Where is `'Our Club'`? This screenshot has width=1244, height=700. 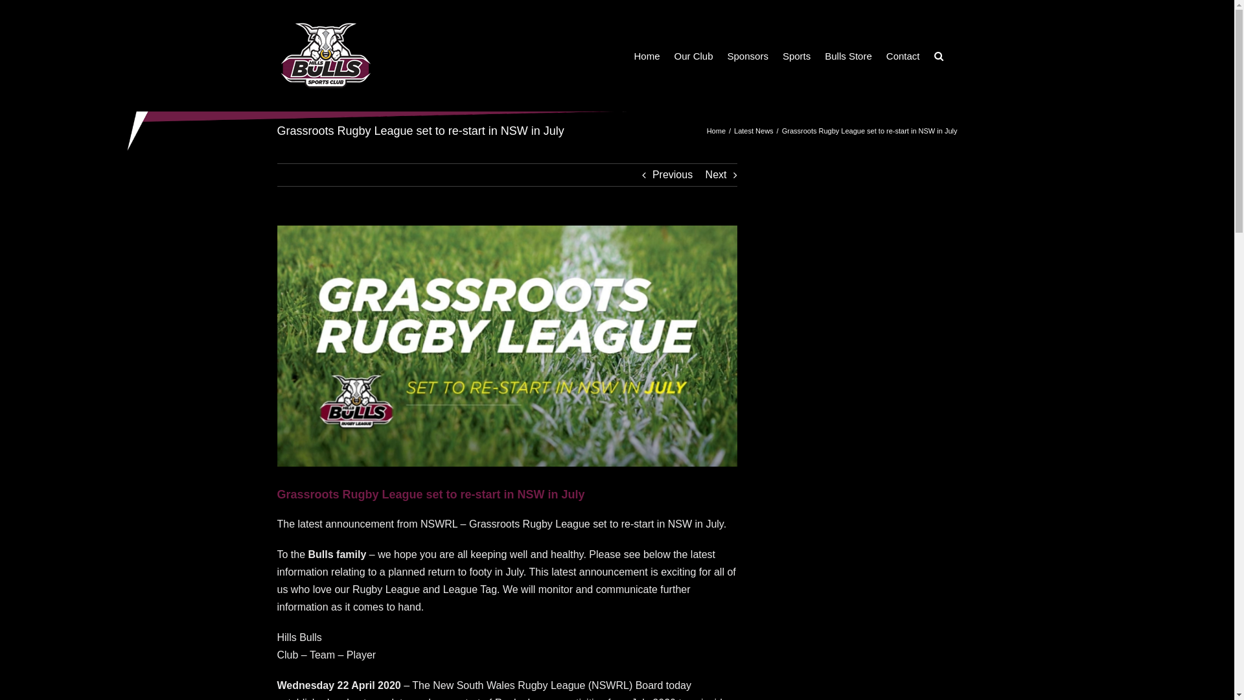 'Our Club' is located at coordinates (693, 54).